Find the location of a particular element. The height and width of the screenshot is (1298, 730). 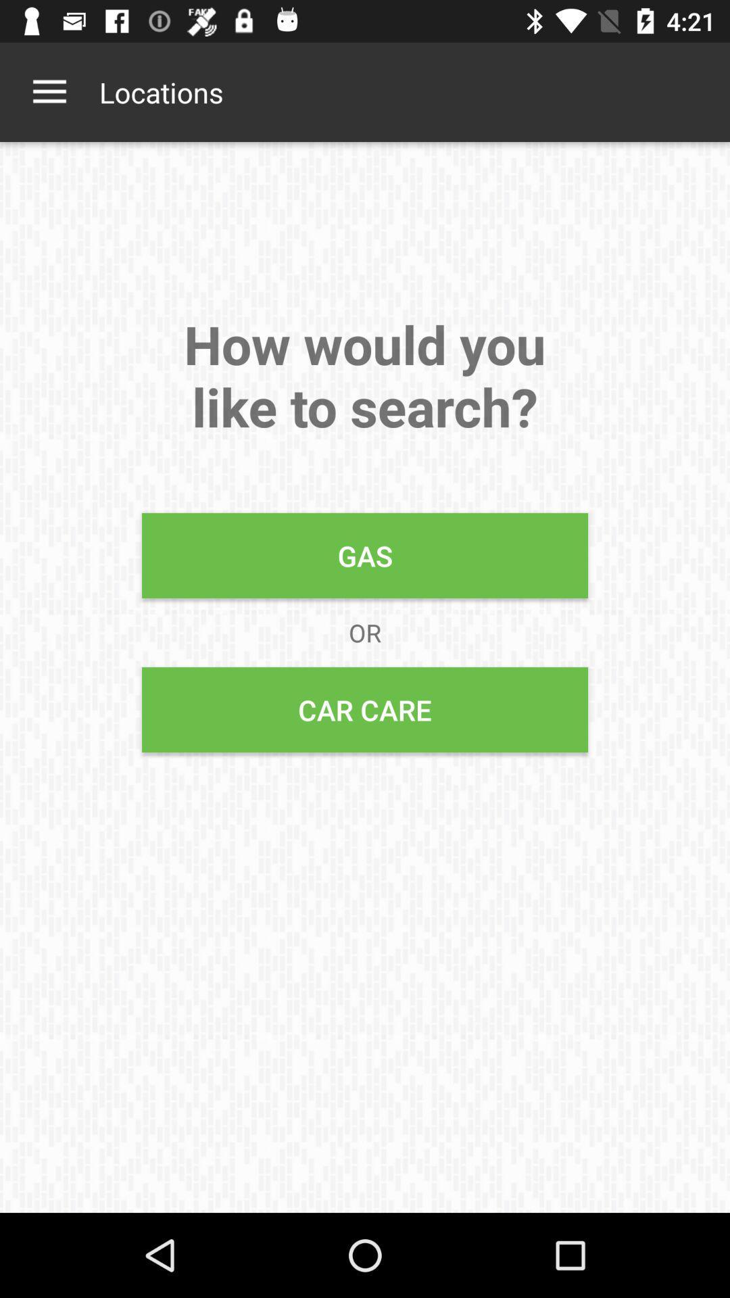

item above how would you item is located at coordinates (49, 91).